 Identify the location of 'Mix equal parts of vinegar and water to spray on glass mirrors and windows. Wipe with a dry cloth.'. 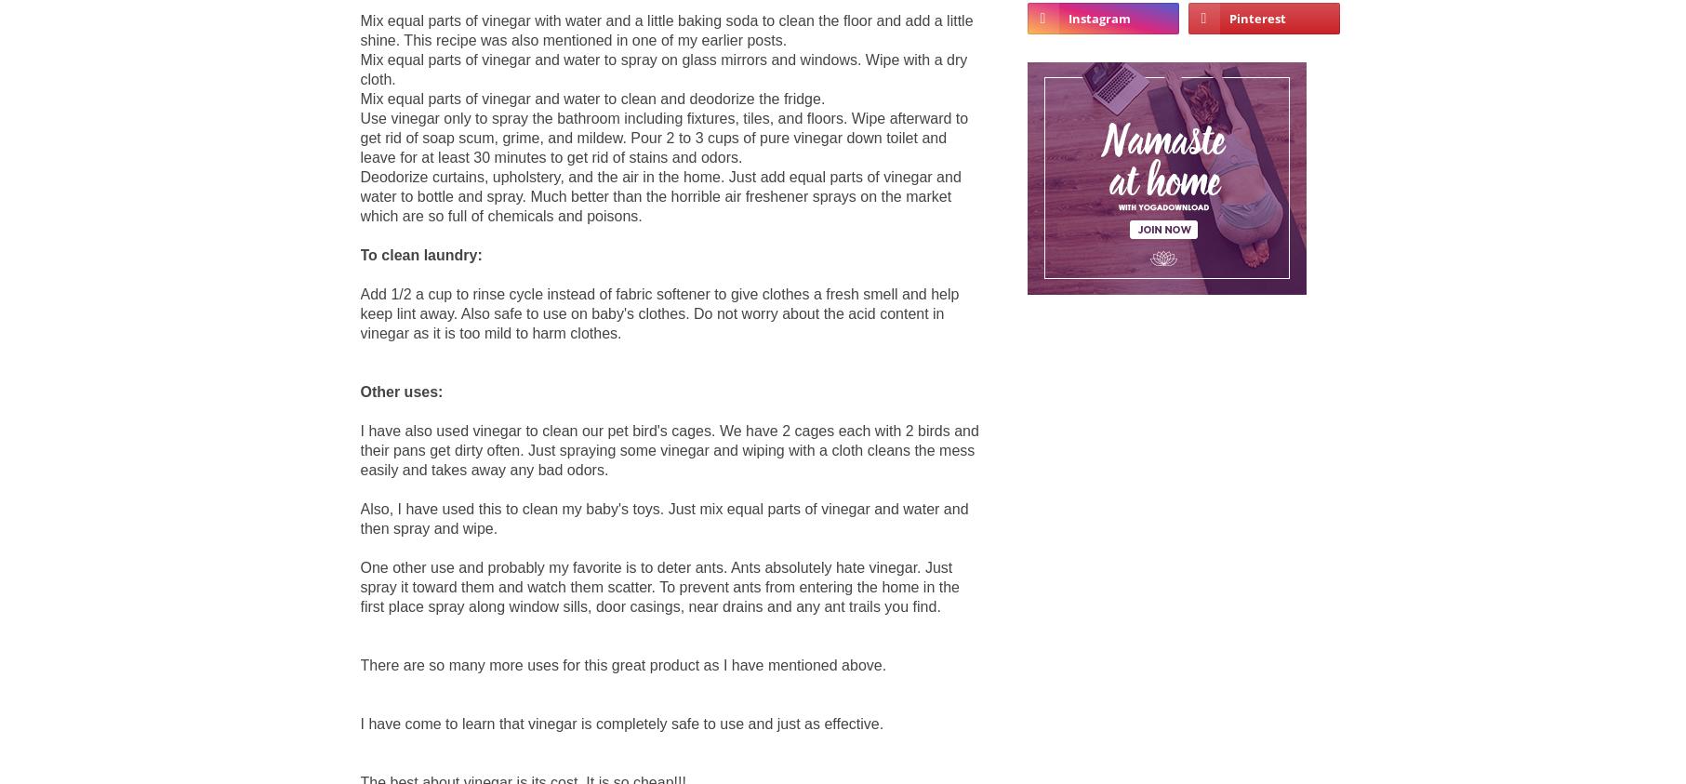
(662, 68).